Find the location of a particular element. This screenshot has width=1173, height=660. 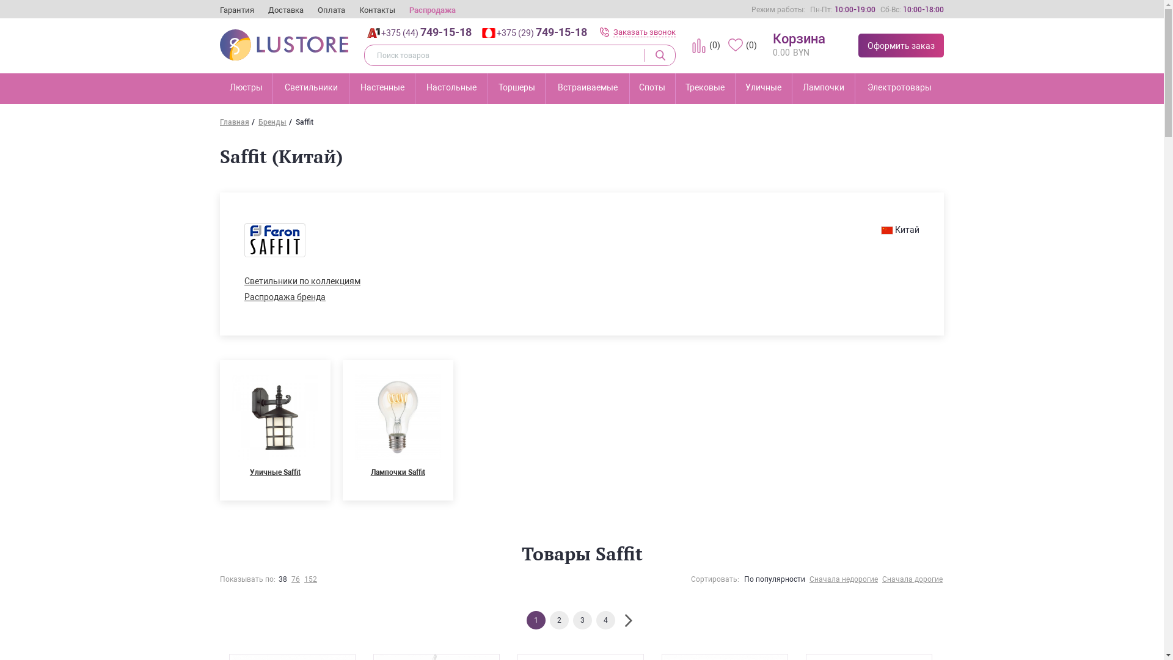

'(0)' is located at coordinates (706, 45).